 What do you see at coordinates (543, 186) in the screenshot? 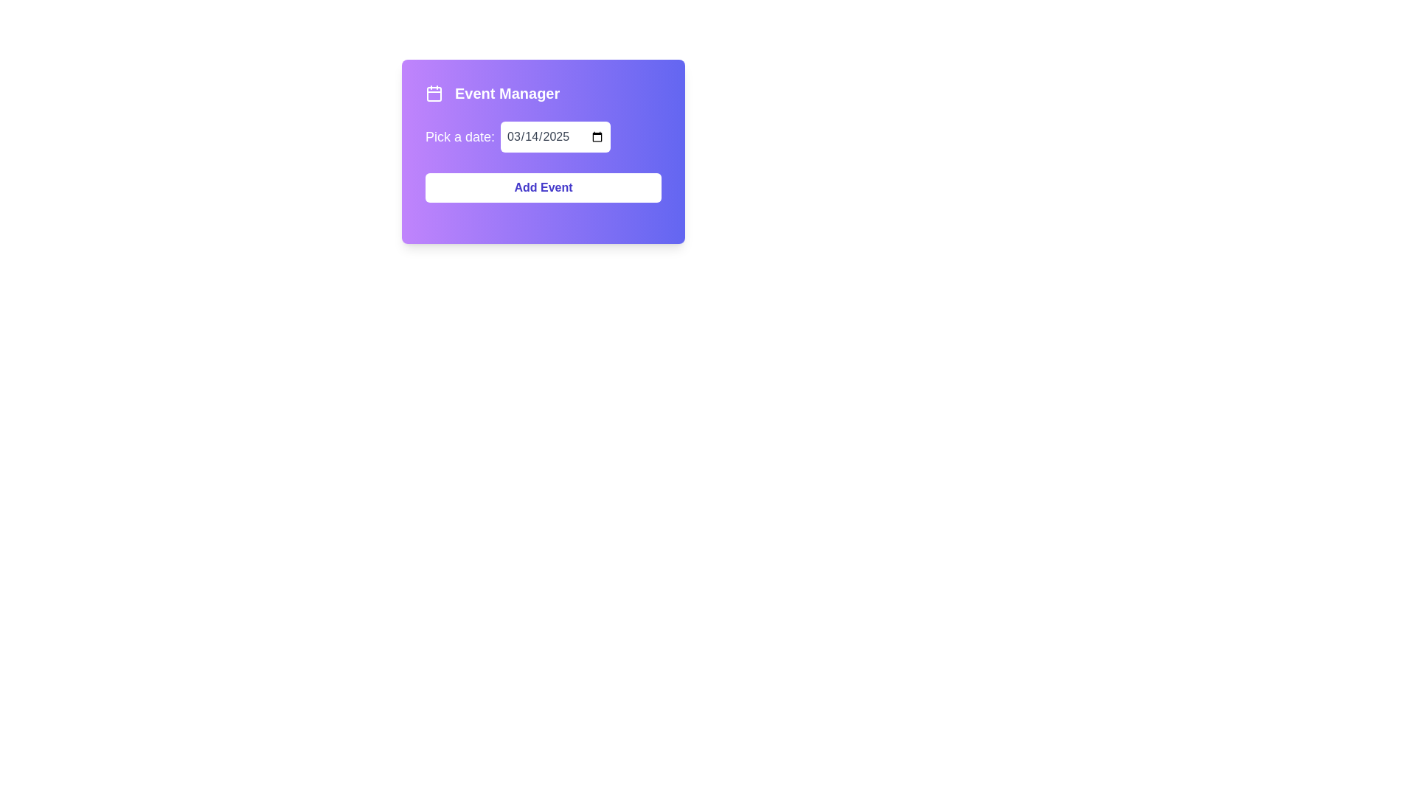
I see `the submit button that allows users to add an event to a list or schedule, which is centrally positioned below the date-picker input field` at bounding box center [543, 186].